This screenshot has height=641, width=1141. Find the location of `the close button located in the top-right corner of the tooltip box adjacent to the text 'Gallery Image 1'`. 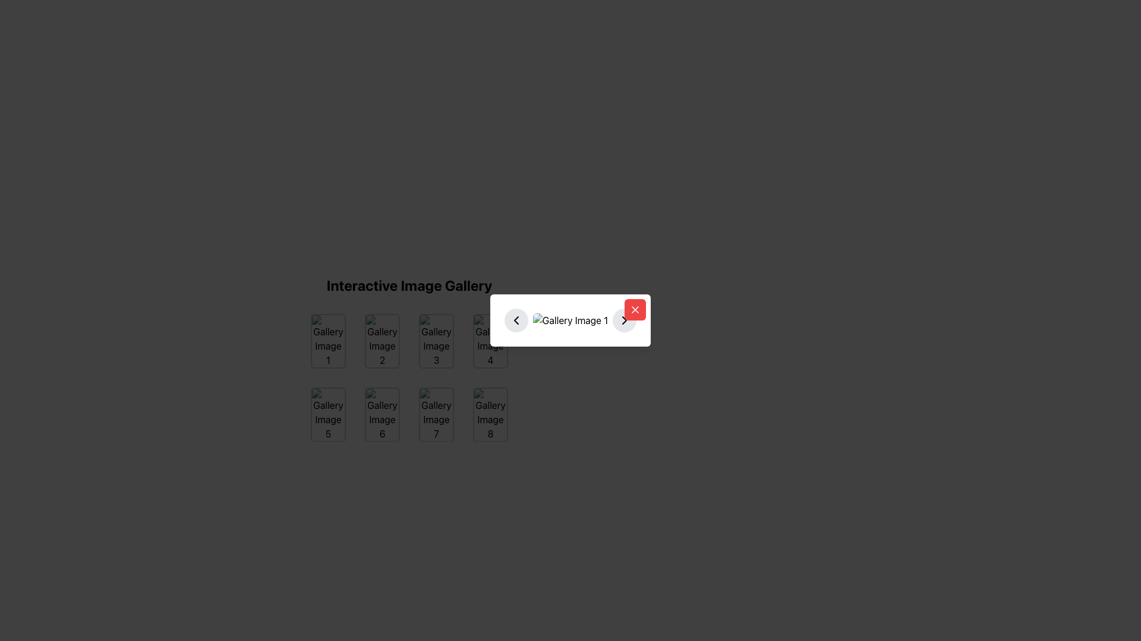

the close button located in the top-right corner of the tooltip box adjacent to the text 'Gallery Image 1' is located at coordinates (635, 309).